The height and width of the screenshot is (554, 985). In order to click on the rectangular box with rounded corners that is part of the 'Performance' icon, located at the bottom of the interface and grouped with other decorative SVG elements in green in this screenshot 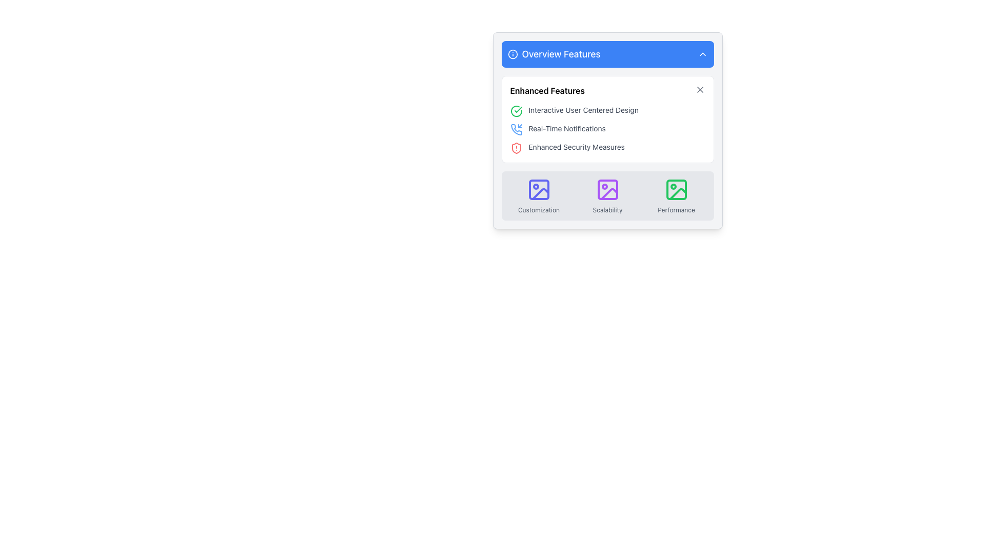, I will do `click(676, 190)`.